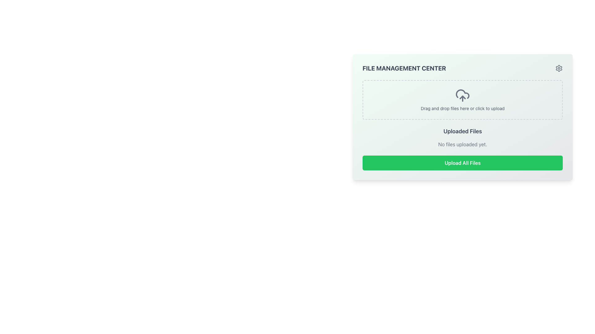 The width and height of the screenshot is (595, 334). I want to click on the graphic of the upward arrow component of the upload icon, which is part of a cloud-shaped design, so click(462, 97).